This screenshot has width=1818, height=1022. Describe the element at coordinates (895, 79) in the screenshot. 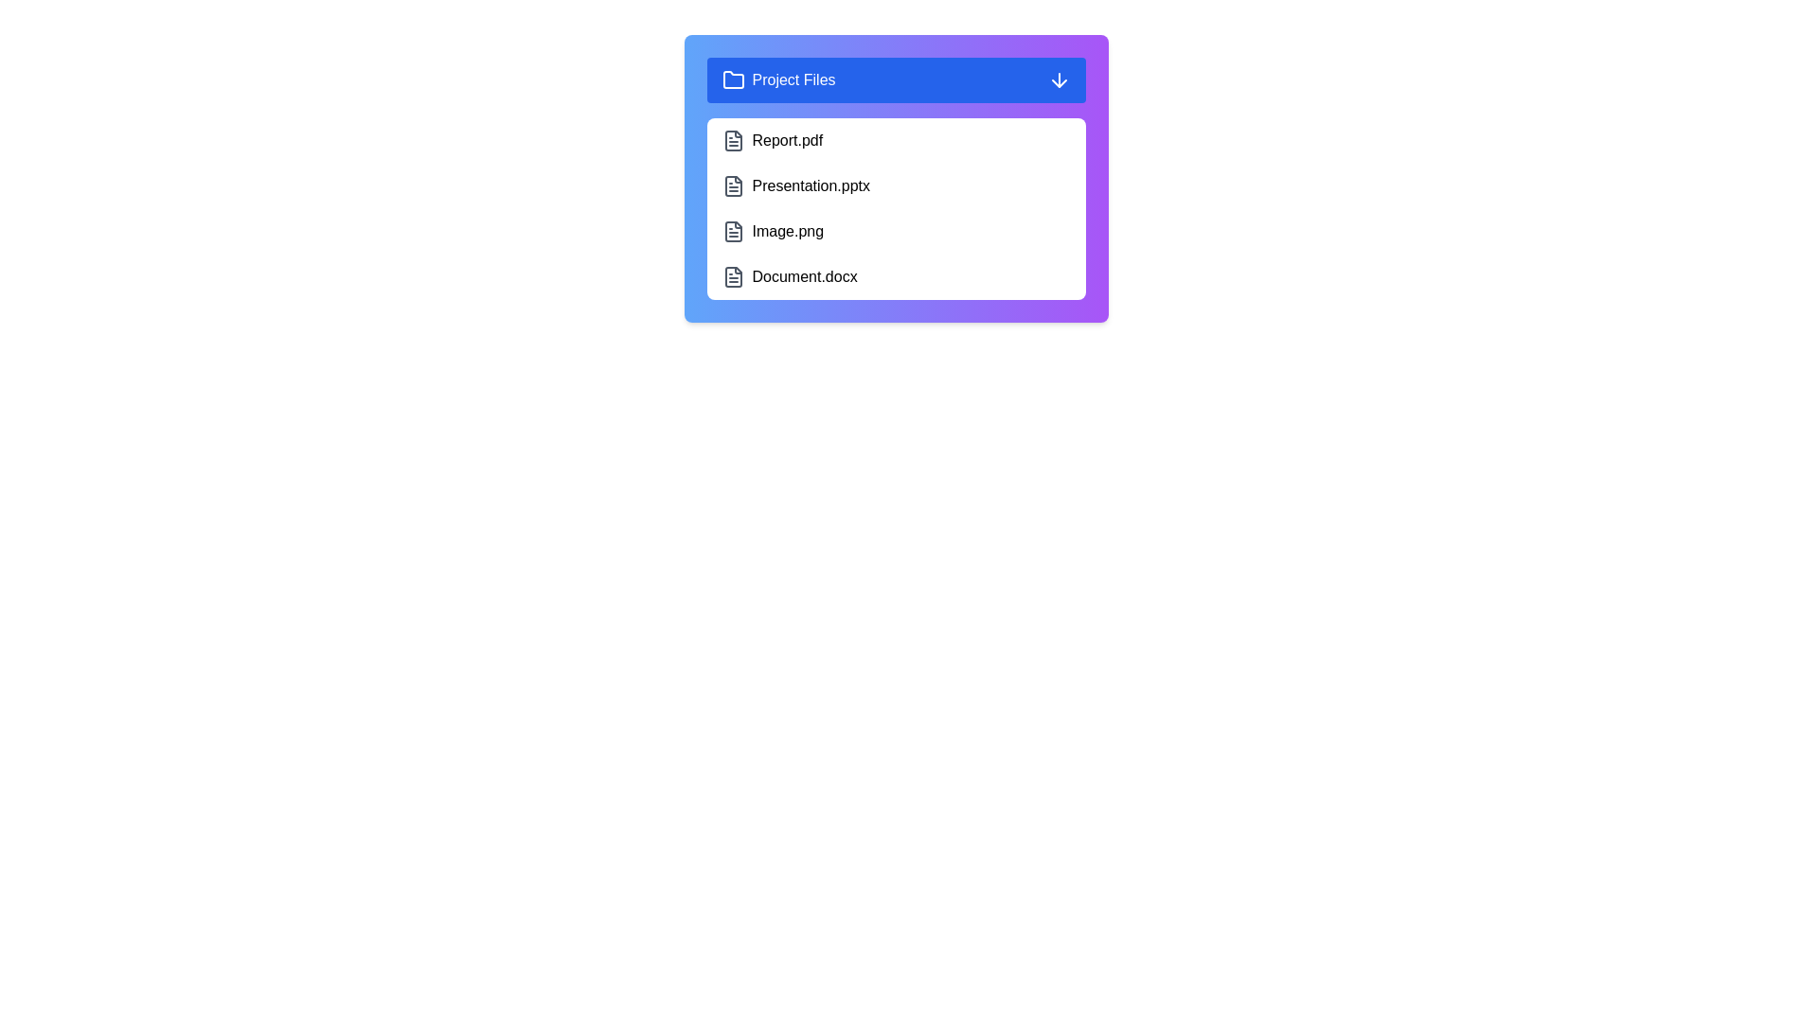

I see `button to toggle the folder view` at that location.